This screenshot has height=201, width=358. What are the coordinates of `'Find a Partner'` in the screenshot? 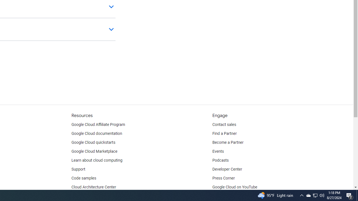 It's located at (225, 134).